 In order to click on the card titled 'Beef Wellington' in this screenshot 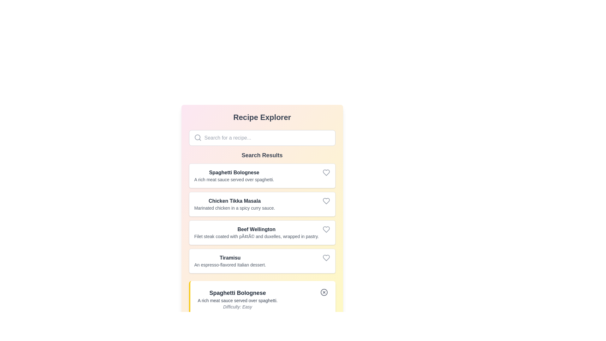, I will do `click(262, 232)`.